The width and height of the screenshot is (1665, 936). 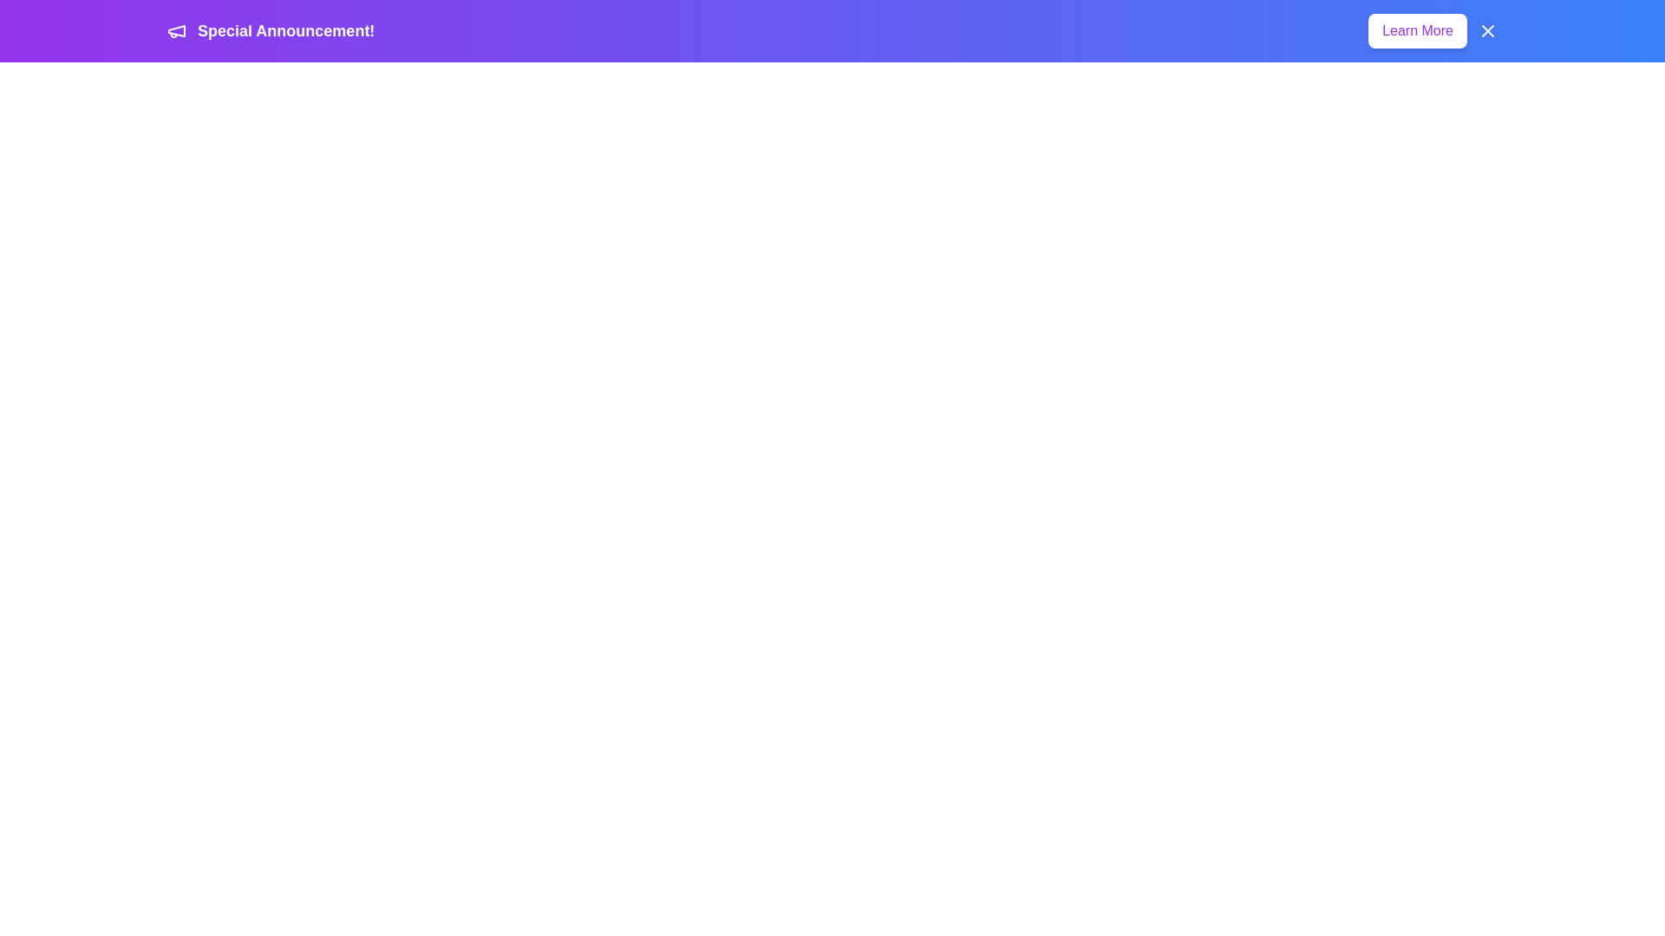 I want to click on 'X' button to close the dialog, so click(x=1487, y=30).